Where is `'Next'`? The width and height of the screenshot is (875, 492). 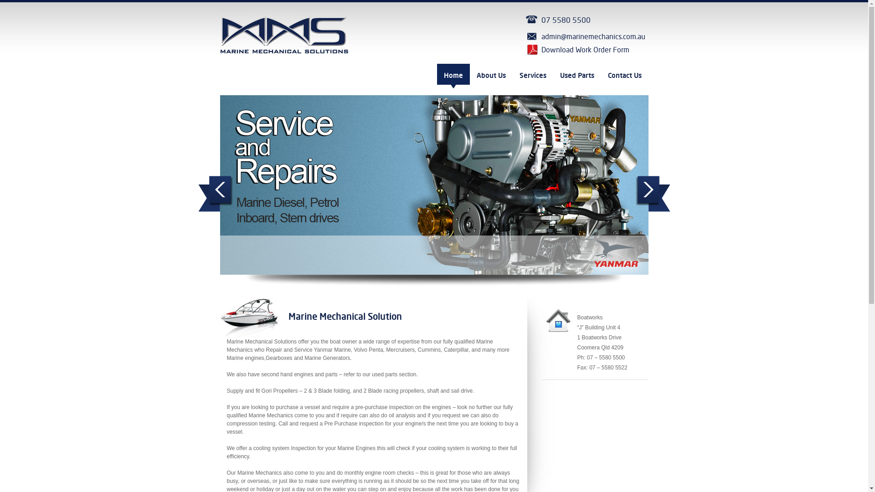 'Next' is located at coordinates (634, 193).